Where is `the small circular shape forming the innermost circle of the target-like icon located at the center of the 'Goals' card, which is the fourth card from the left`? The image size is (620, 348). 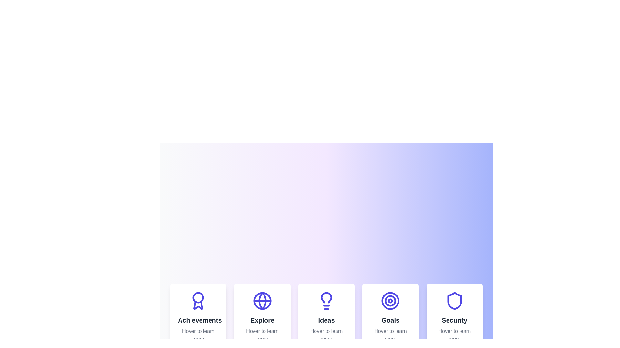
the small circular shape forming the innermost circle of the target-like icon located at the center of the 'Goals' card, which is the fourth card from the left is located at coordinates (390, 301).